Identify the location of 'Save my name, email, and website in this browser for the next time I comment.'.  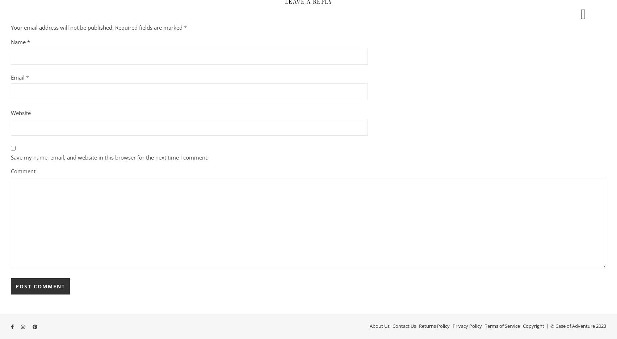
(109, 157).